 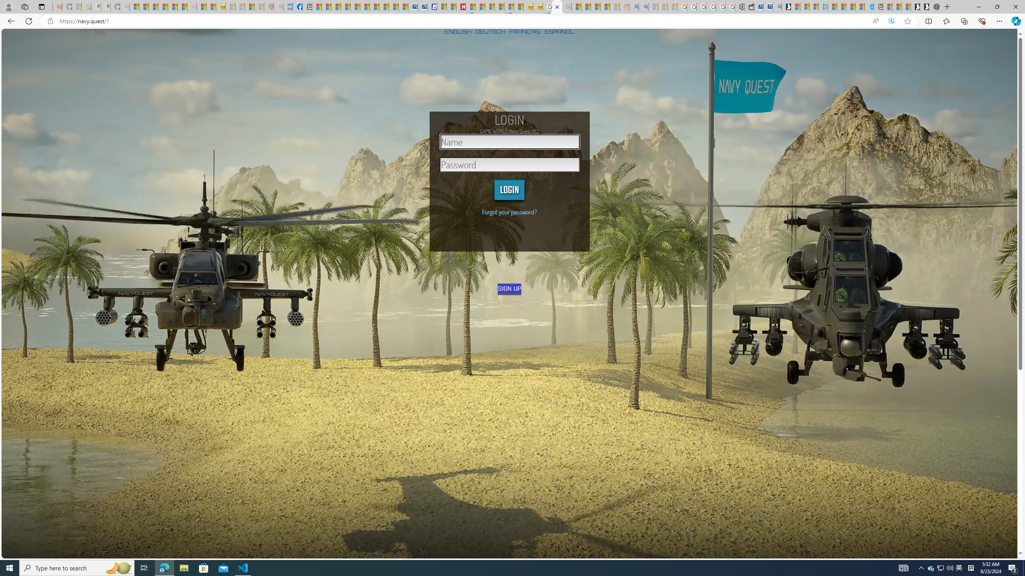 I want to click on 'ENGLISH', so click(x=458, y=31).